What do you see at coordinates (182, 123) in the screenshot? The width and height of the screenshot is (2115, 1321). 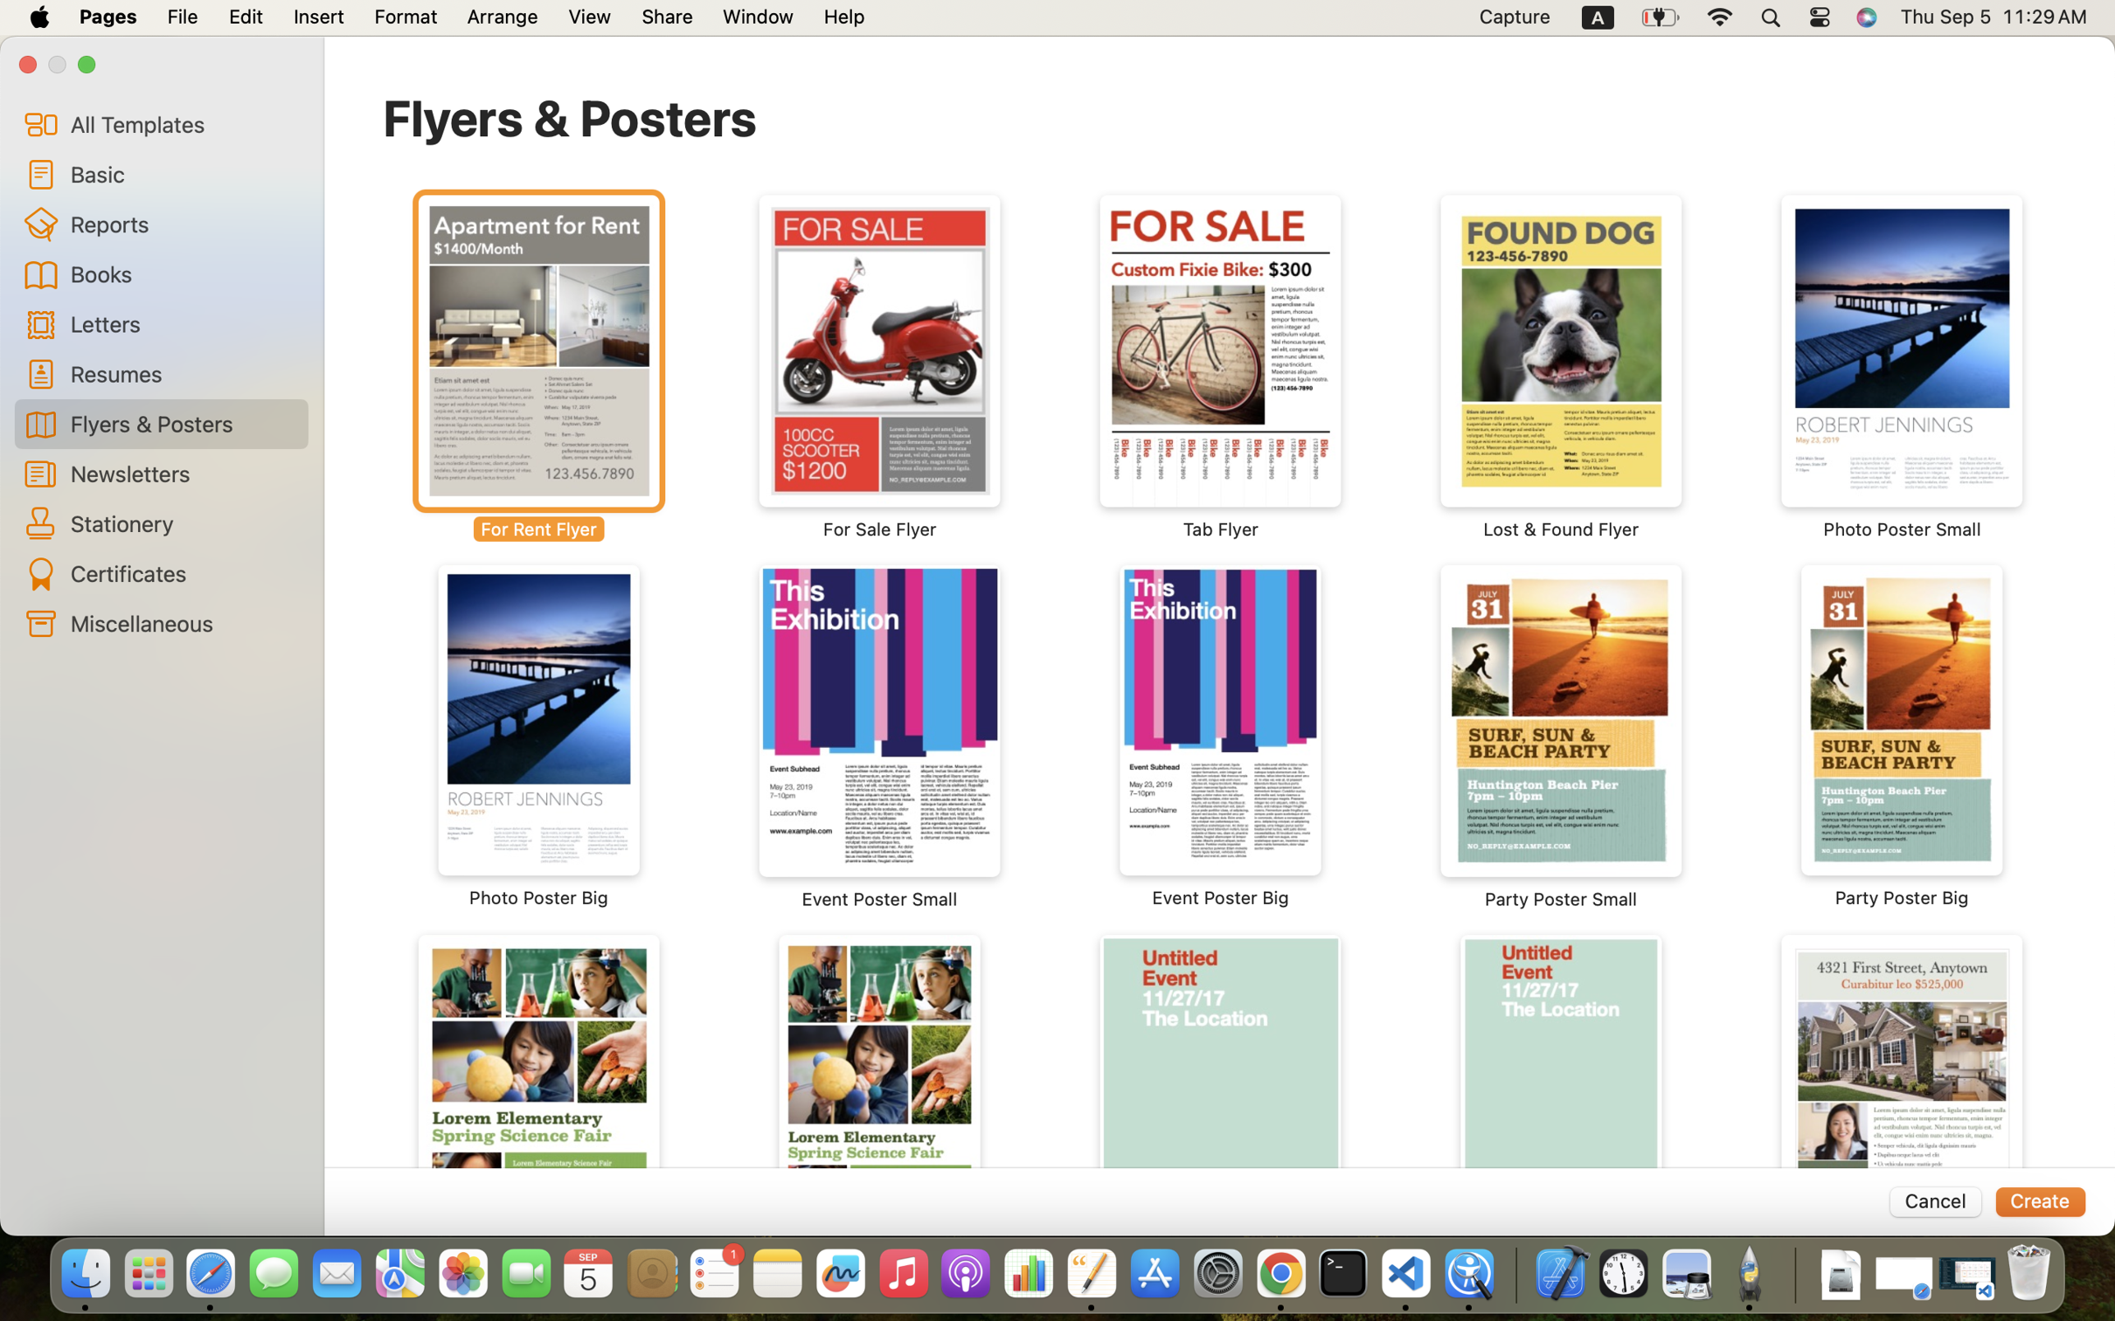 I see `'All Templates'` at bounding box center [182, 123].